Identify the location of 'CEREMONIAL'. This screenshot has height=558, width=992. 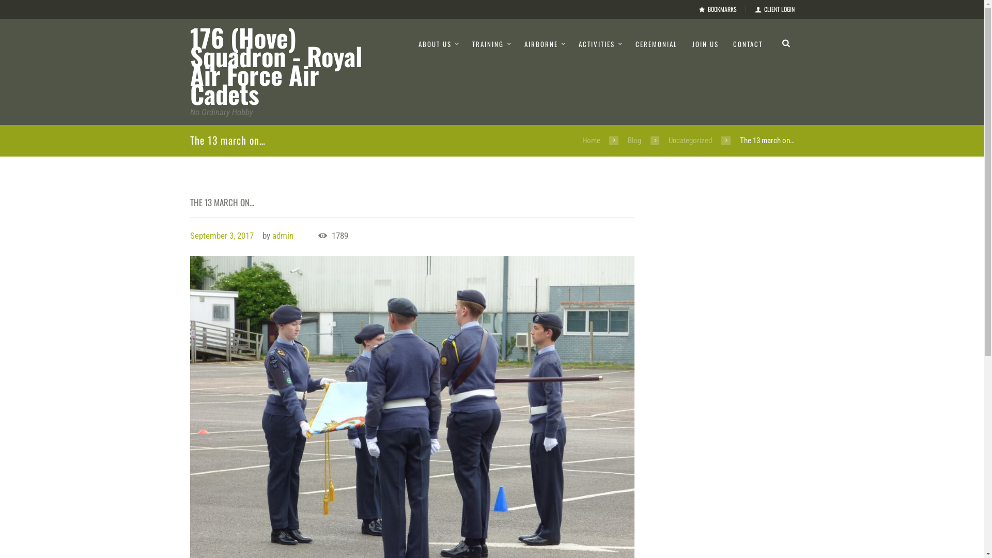
(656, 43).